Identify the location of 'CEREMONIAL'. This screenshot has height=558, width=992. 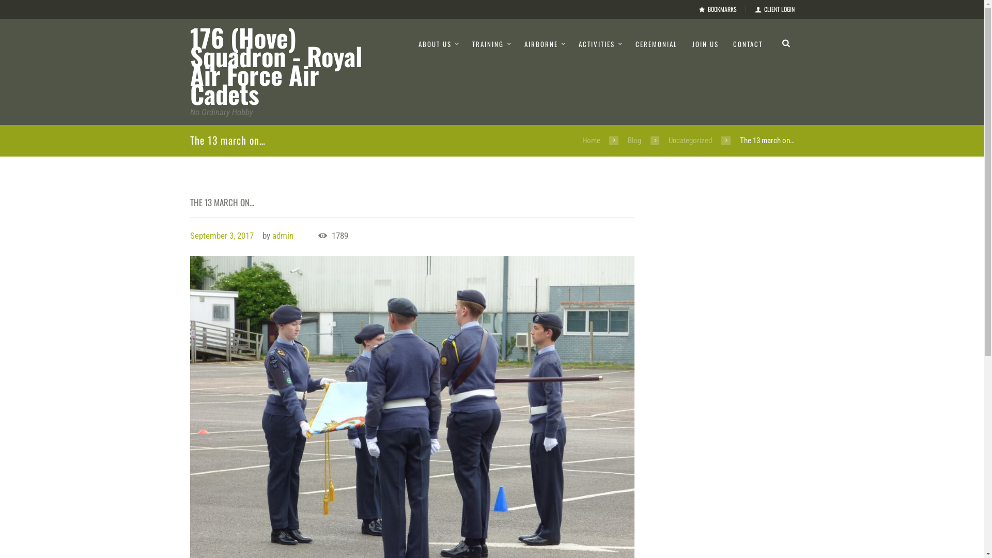
(656, 43).